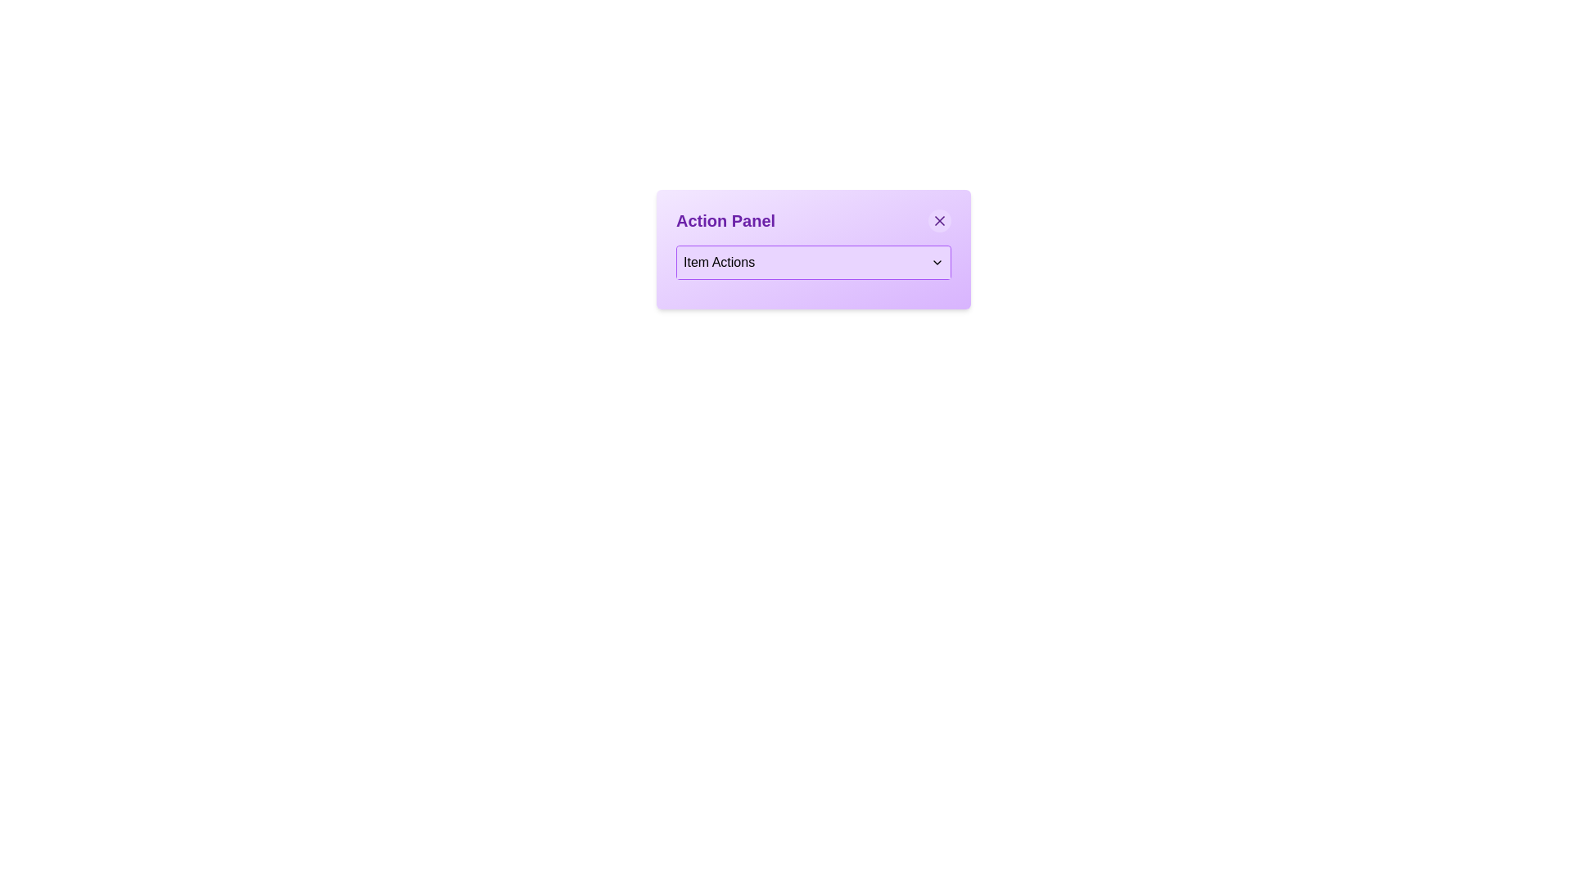 Image resolution: width=1572 pixels, height=884 pixels. Describe the element at coordinates (939, 221) in the screenshot. I see `the small purple 'X' icon located at the top-right corner of the 'Action Panel'` at that location.